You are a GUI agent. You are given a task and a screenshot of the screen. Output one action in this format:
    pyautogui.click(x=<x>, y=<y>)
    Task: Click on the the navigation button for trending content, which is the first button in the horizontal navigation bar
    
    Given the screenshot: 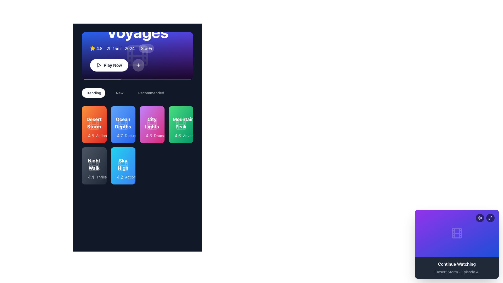 What is the action you would take?
    pyautogui.click(x=94, y=92)
    